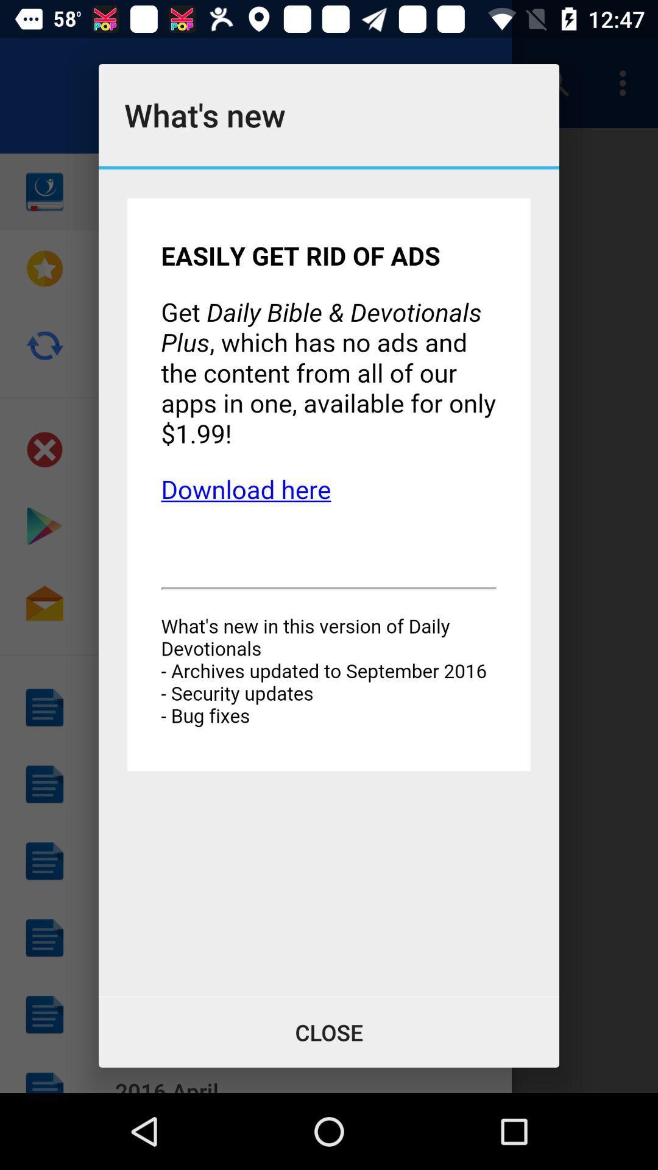 This screenshot has height=1170, width=658. What do you see at coordinates (329, 1032) in the screenshot?
I see `the close button` at bounding box center [329, 1032].